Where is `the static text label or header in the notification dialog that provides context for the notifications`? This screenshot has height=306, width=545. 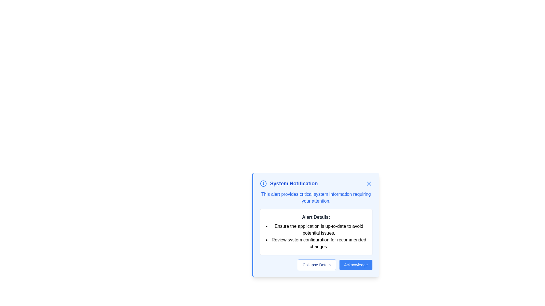 the static text label or header in the notification dialog that provides context for the notifications is located at coordinates (294, 184).